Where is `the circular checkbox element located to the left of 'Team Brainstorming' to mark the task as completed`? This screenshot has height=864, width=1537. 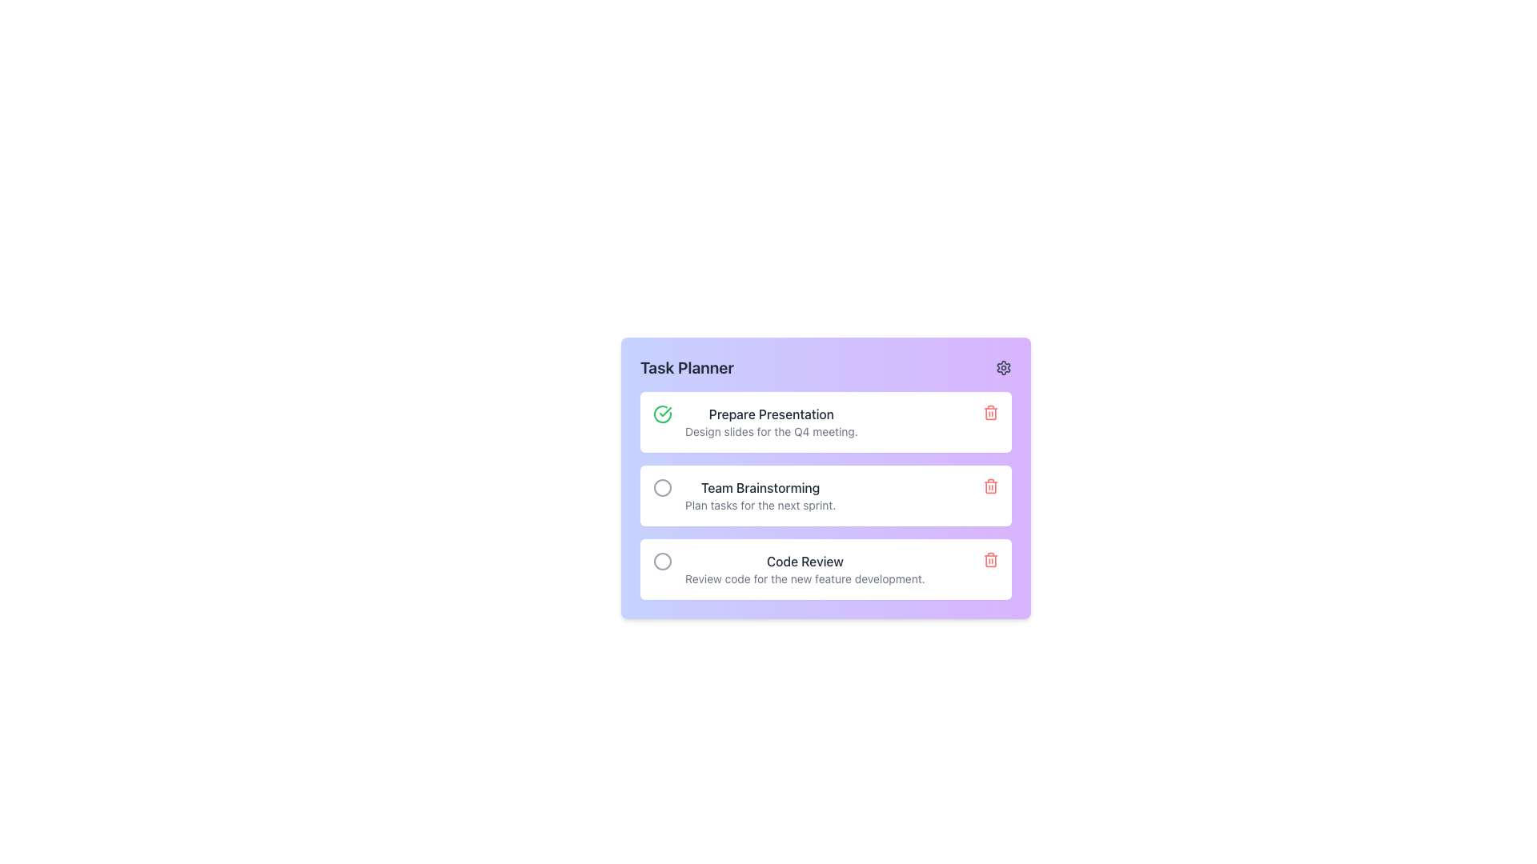
the circular checkbox element located to the left of 'Team Brainstorming' to mark the task as completed is located at coordinates (663, 486).